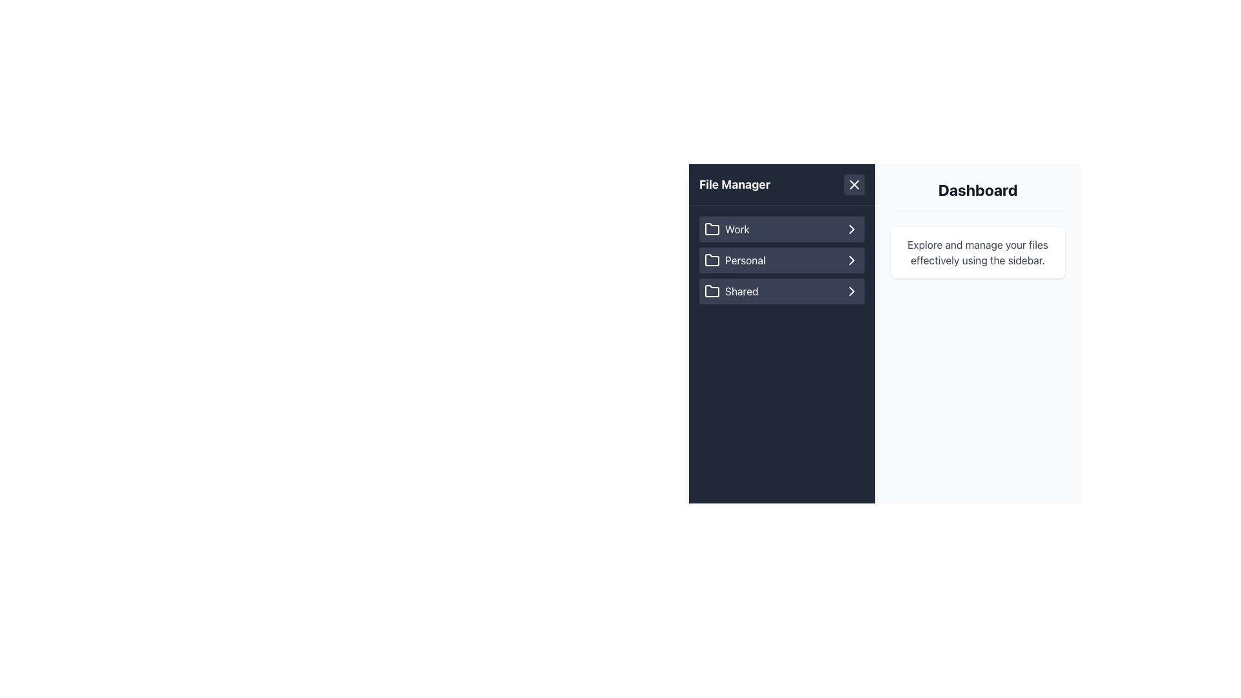  Describe the element at coordinates (977, 252) in the screenshot. I see `the text label that contains the message 'Explore and manage your files effectively using the sidebar.' styled in gray font, located in the right section of the interface within the 'Dashboard' area` at that location.